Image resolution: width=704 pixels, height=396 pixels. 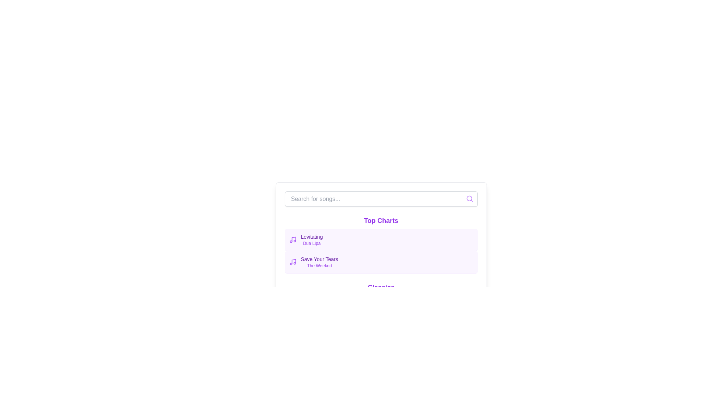 I want to click on the 'Top Charts' text label displayed in large, bold purple font, located at the top of a song list section just below the search bar, so click(x=381, y=220).